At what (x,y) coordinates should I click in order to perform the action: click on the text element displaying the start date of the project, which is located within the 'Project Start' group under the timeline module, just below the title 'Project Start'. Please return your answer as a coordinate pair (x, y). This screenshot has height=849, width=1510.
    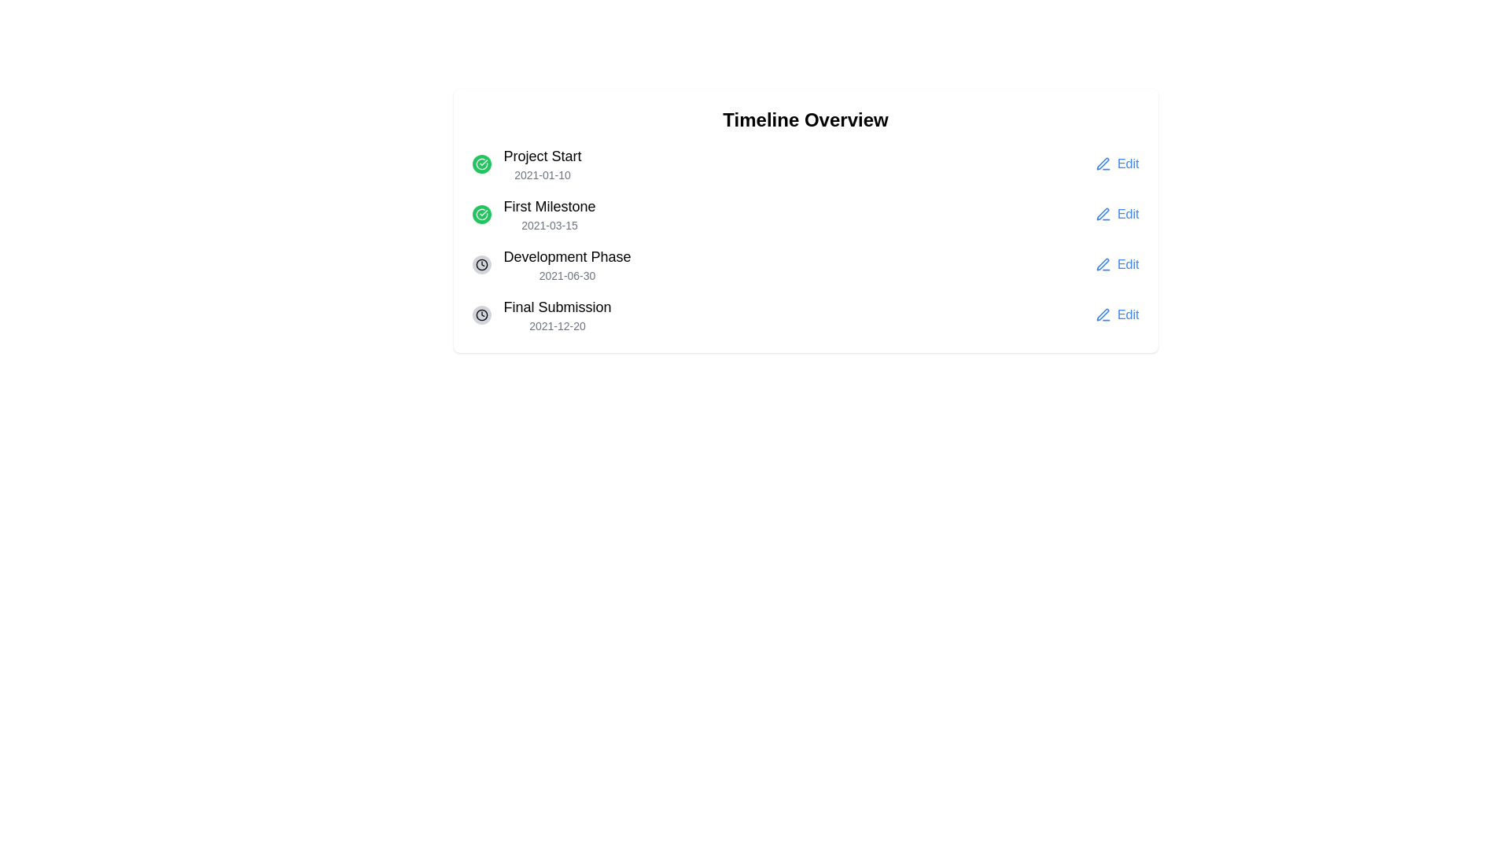
    Looking at the image, I should click on (543, 175).